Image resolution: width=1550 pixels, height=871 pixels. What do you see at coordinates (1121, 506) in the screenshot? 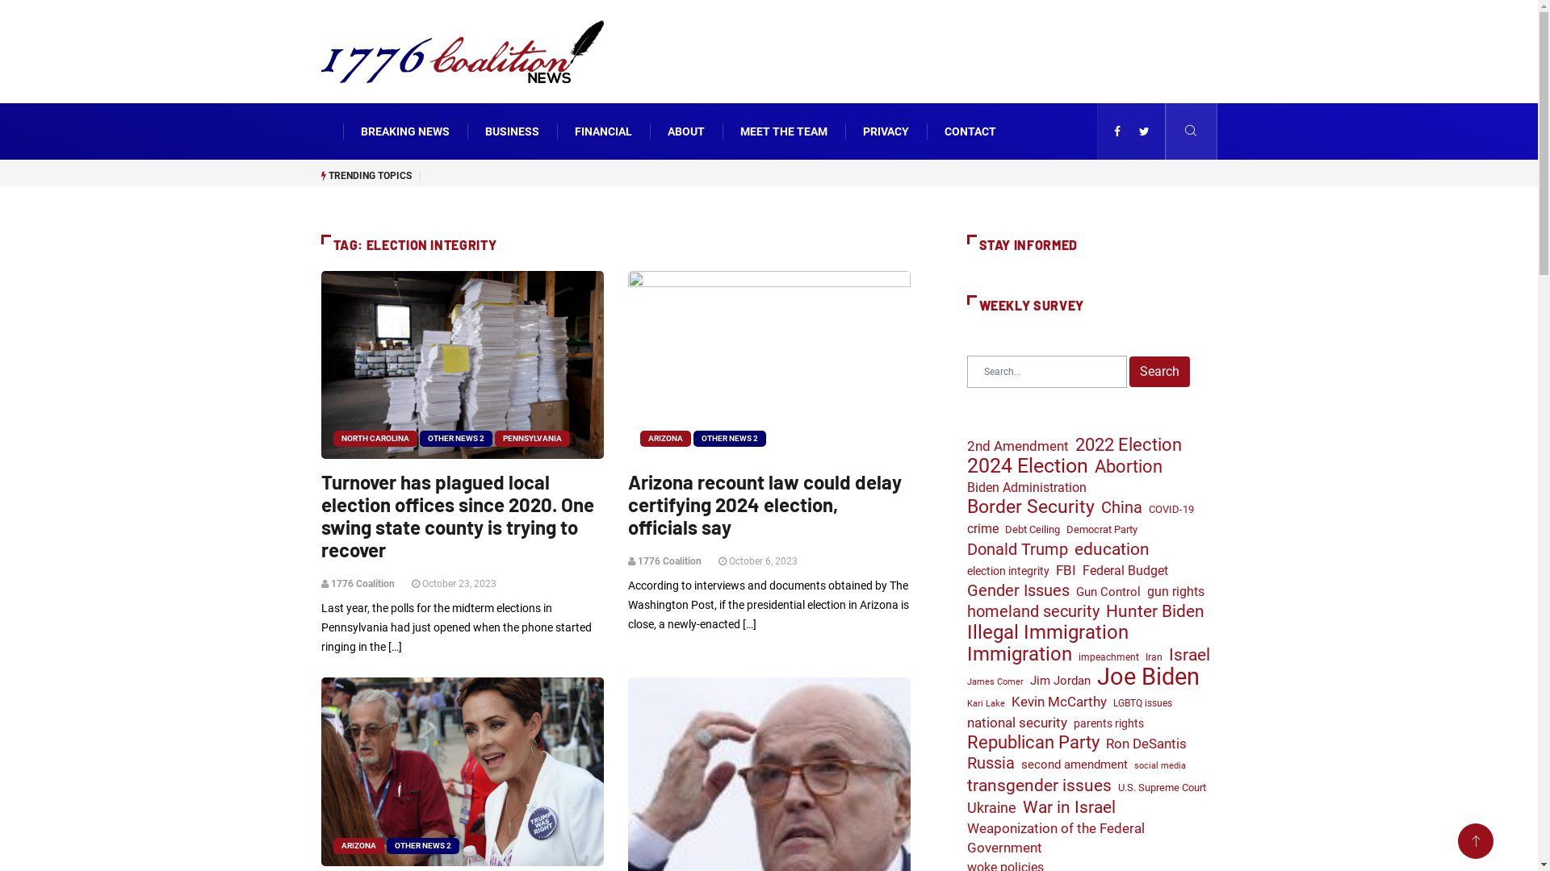
I see `'China'` at bounding box center [1121, 506].